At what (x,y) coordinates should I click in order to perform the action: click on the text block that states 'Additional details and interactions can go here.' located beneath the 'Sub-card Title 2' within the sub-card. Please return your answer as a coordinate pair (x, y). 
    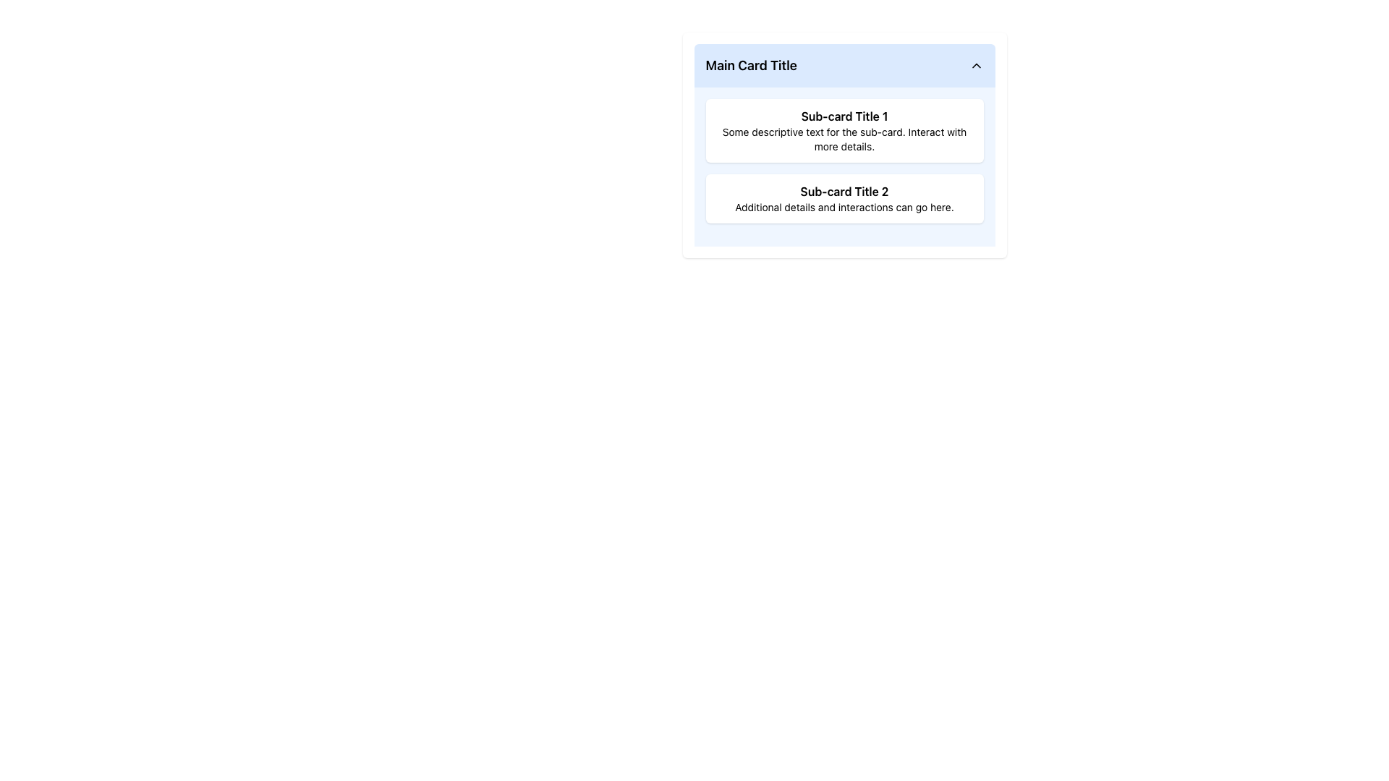
    Looking at the image, I should click on (844, 207).